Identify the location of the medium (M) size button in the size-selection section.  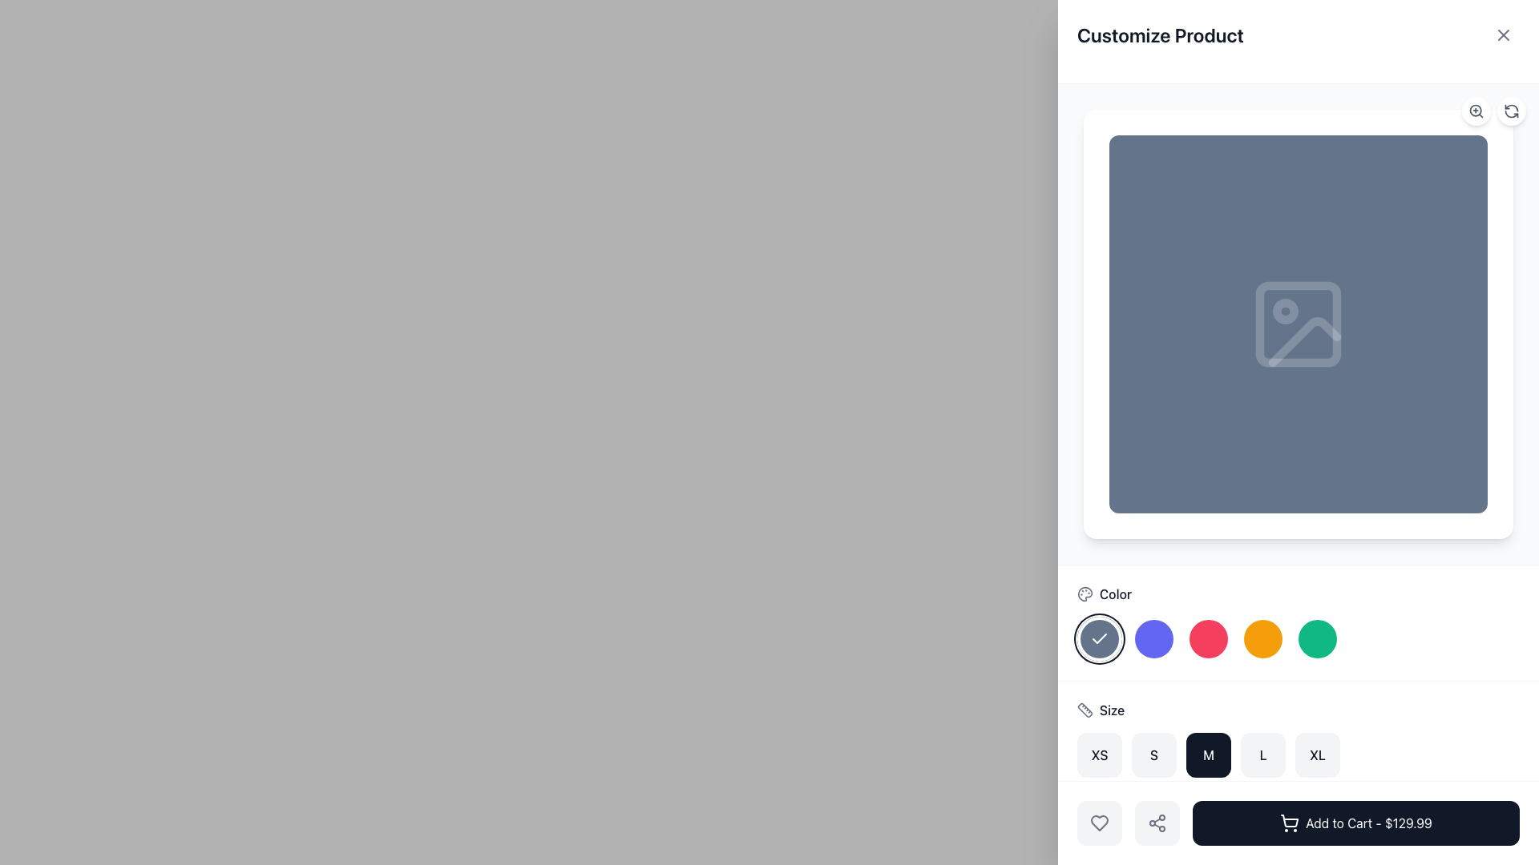
(1208, 754).